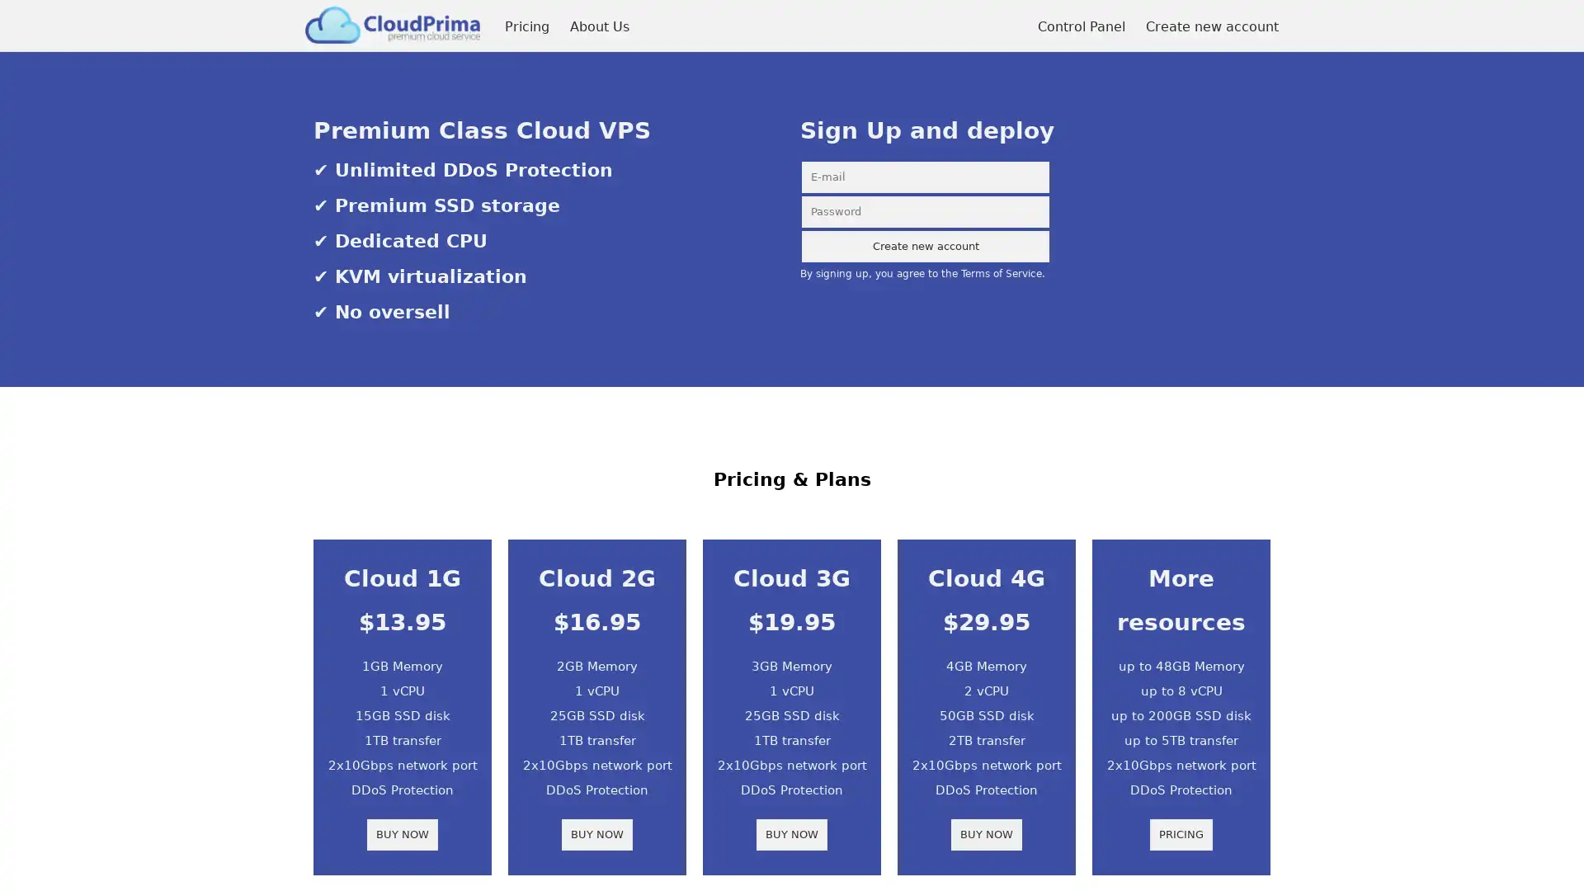  What do you see at coordinates (792, 834) in the screenshot?
I see `buy now` at bounding box center [792, 834].